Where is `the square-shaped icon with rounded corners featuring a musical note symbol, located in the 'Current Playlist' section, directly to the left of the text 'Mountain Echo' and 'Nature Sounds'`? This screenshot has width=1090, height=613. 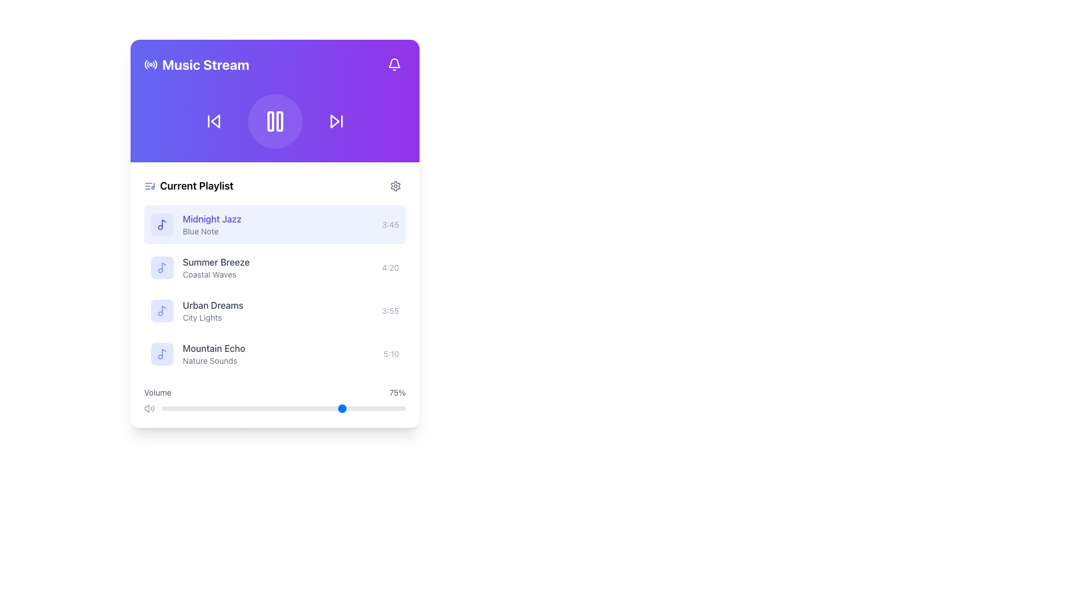
the square-shaped icon with rounded corners featuring a musical note symbol, located in the 'Current Playlist' section, directly to the left of the text 'Mountain Echo' and 'Nature Sounds' is located at coordinates (162, 354).